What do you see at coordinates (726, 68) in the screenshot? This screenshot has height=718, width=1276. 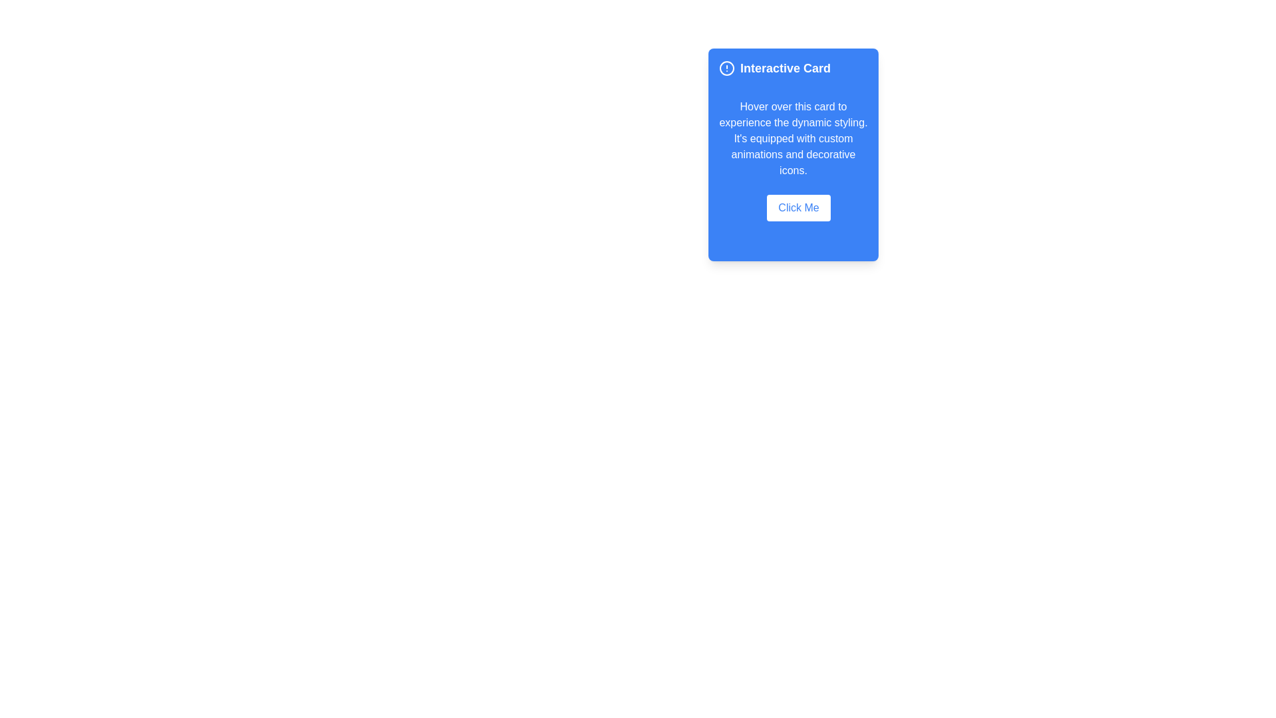 I see `the warning icon with an exclamation mark, which is located to the left of the 'Interactive Card' text in the header section of the card interface` at bounding box center [726, 68].